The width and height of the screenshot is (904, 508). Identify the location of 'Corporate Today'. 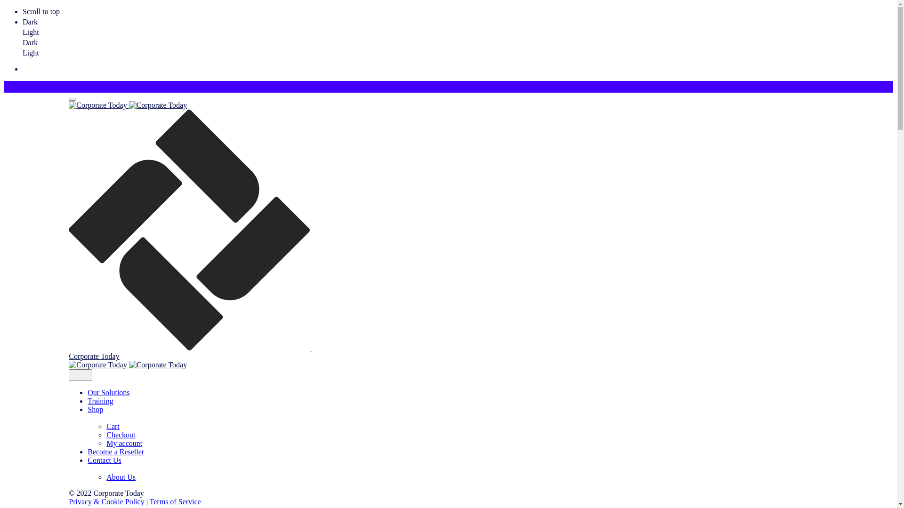
(374, 235).